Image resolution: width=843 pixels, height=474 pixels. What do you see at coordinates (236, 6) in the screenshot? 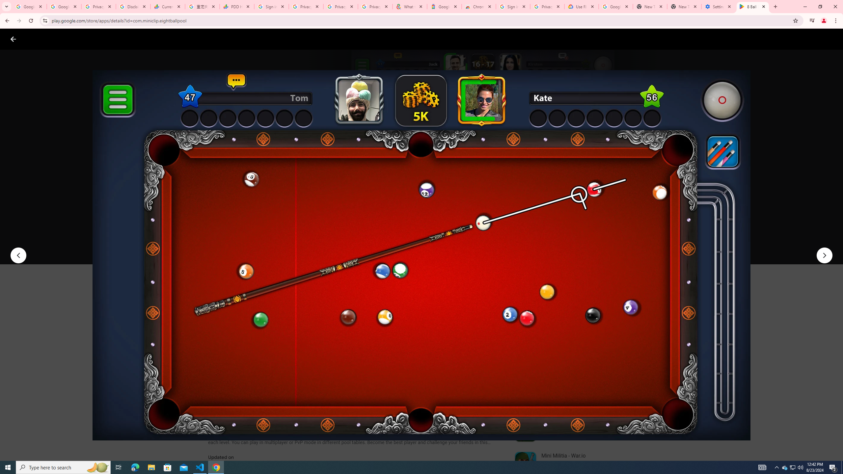
I see `'PDD Holdings Inc - ADR (PDD) Price & News - Google Finance'` at bounding box center [236, 6].